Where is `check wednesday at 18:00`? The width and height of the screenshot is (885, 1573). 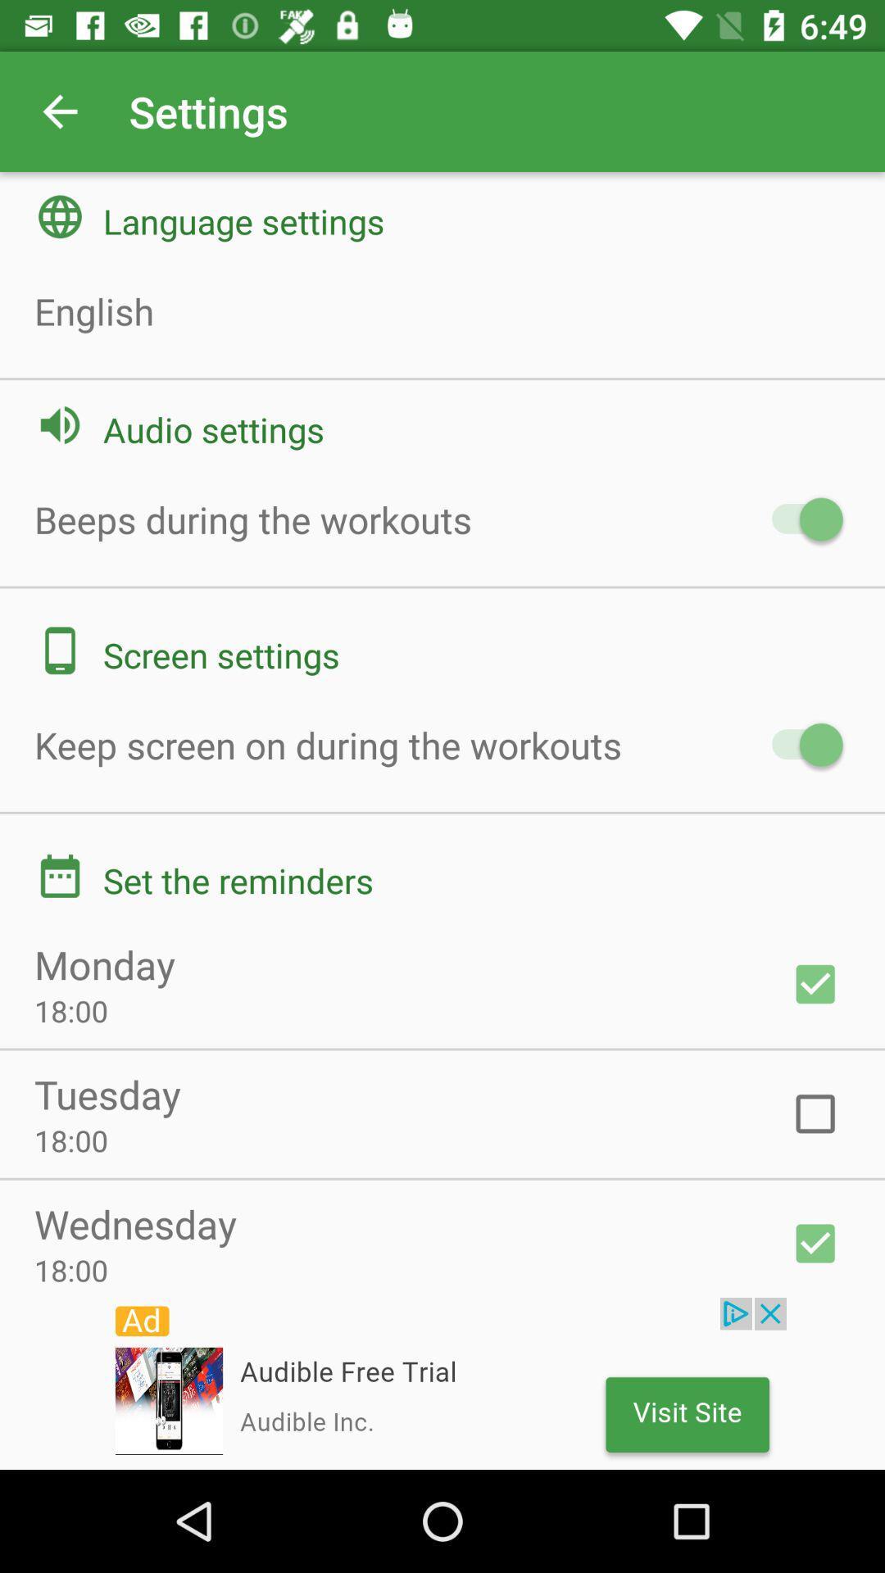 check wednesday at 18:00 is located at coordinates (815, 1243).